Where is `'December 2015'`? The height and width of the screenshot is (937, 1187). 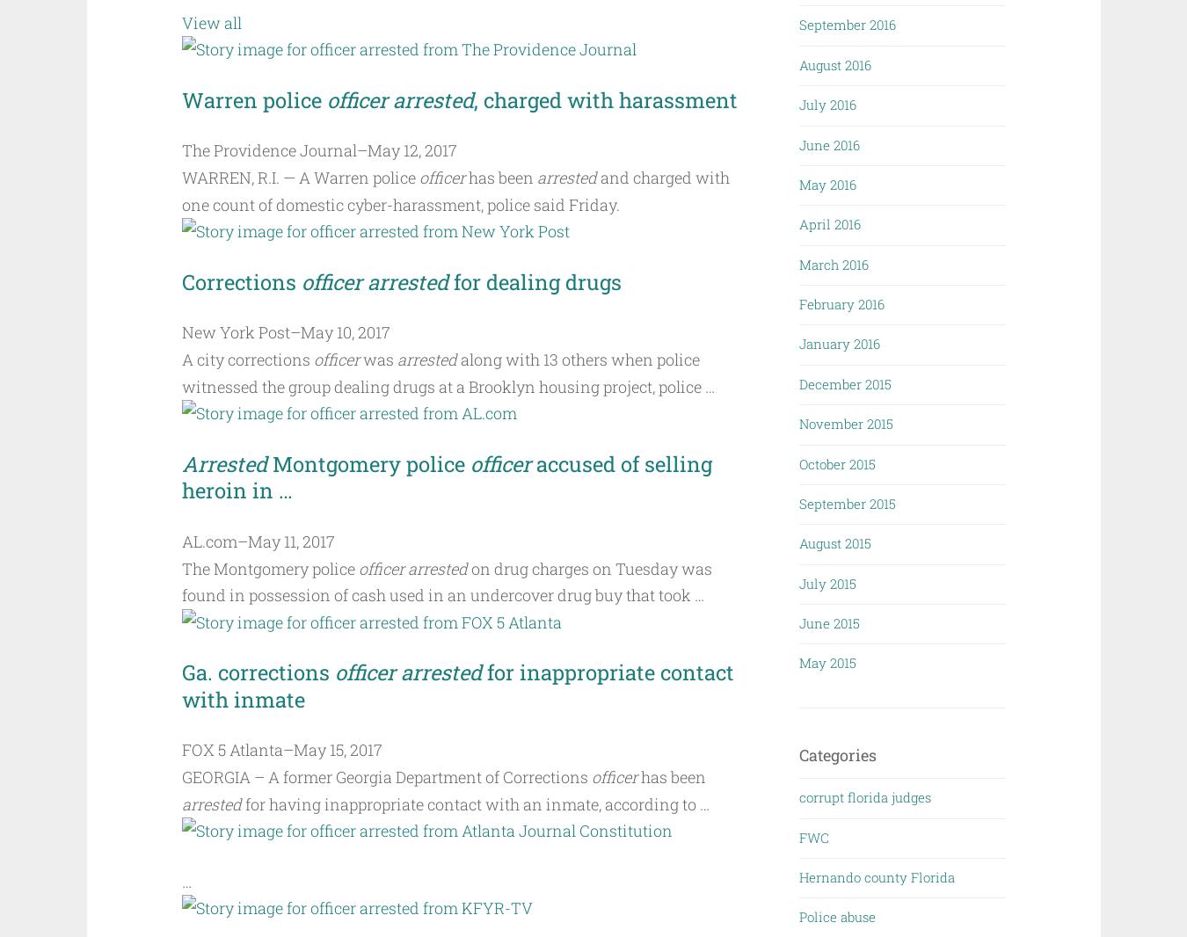
'December 2015' is located at coordinates (844, 382).